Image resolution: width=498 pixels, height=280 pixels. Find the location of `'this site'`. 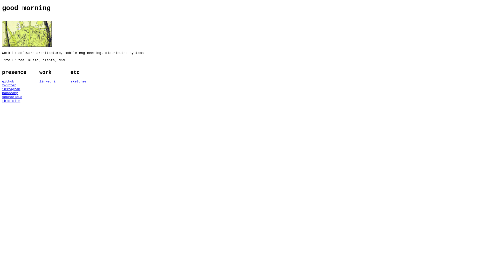

'this site' is located at coordinates (14, 101).